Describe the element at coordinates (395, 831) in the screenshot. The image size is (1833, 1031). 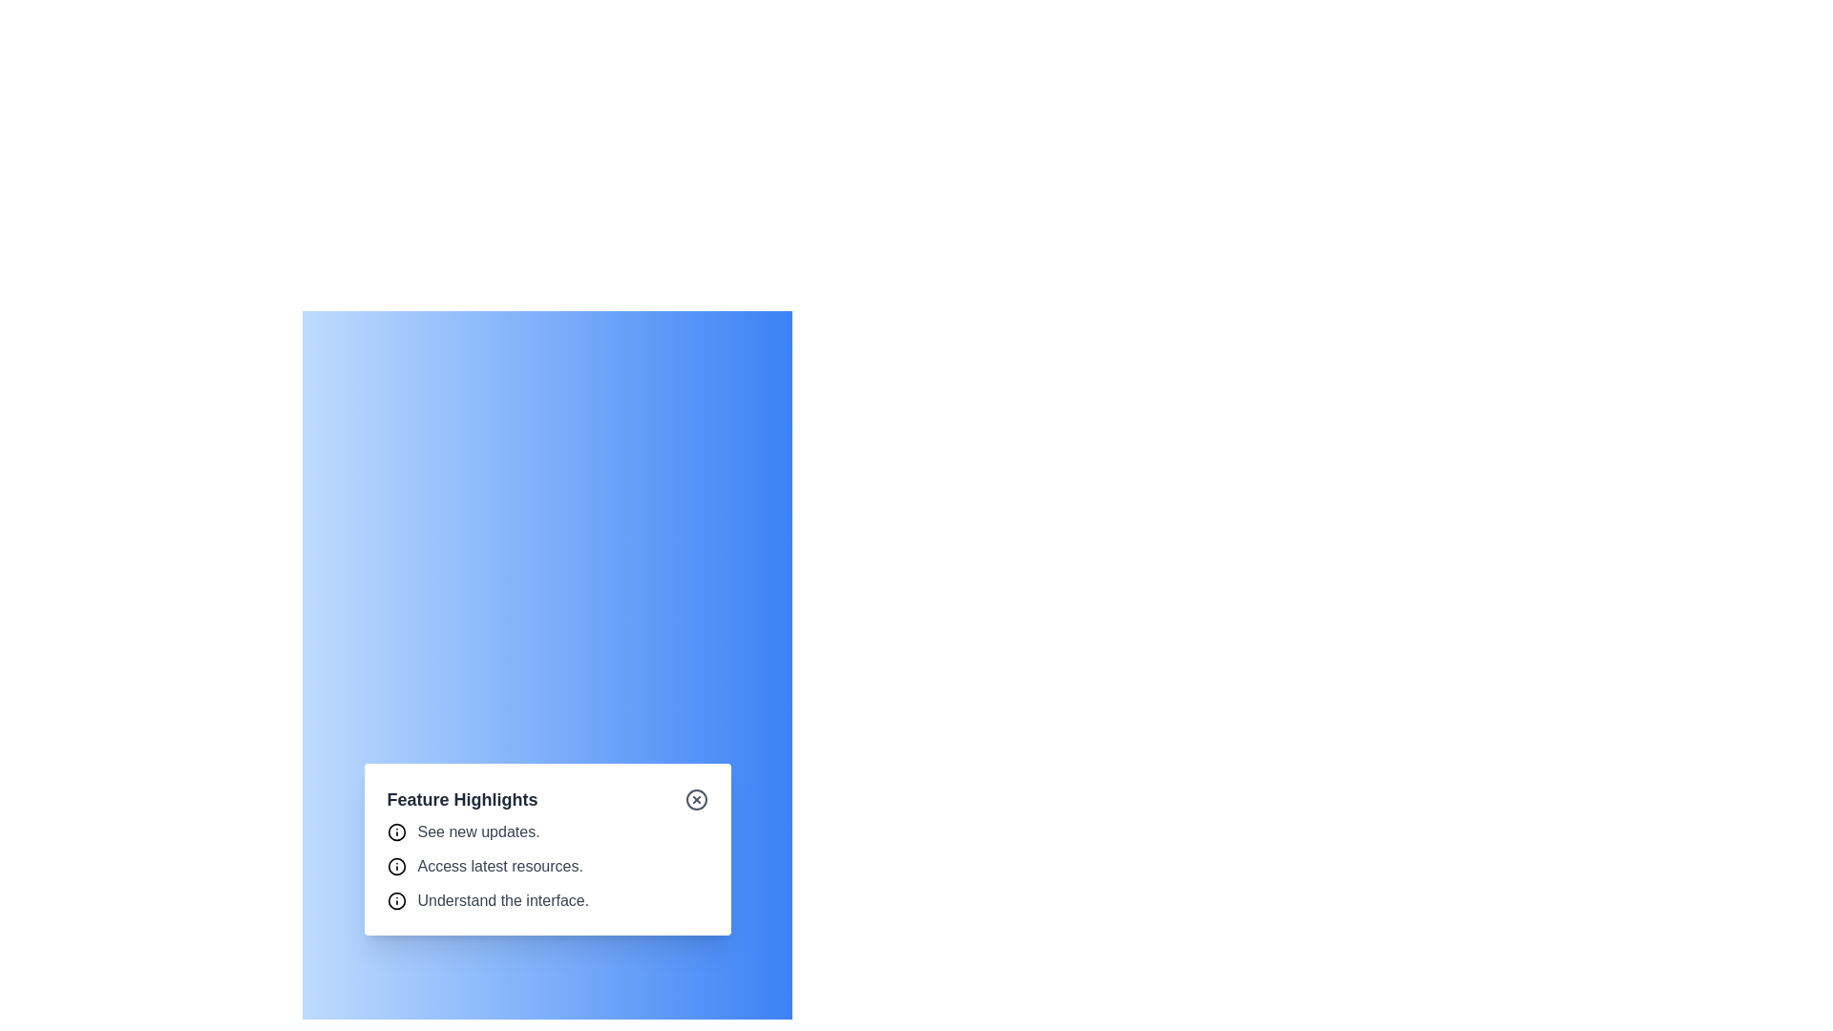
I see `the informational icon located in the top-left corner of the layout that contains the text 'See new updates.'` at that location.